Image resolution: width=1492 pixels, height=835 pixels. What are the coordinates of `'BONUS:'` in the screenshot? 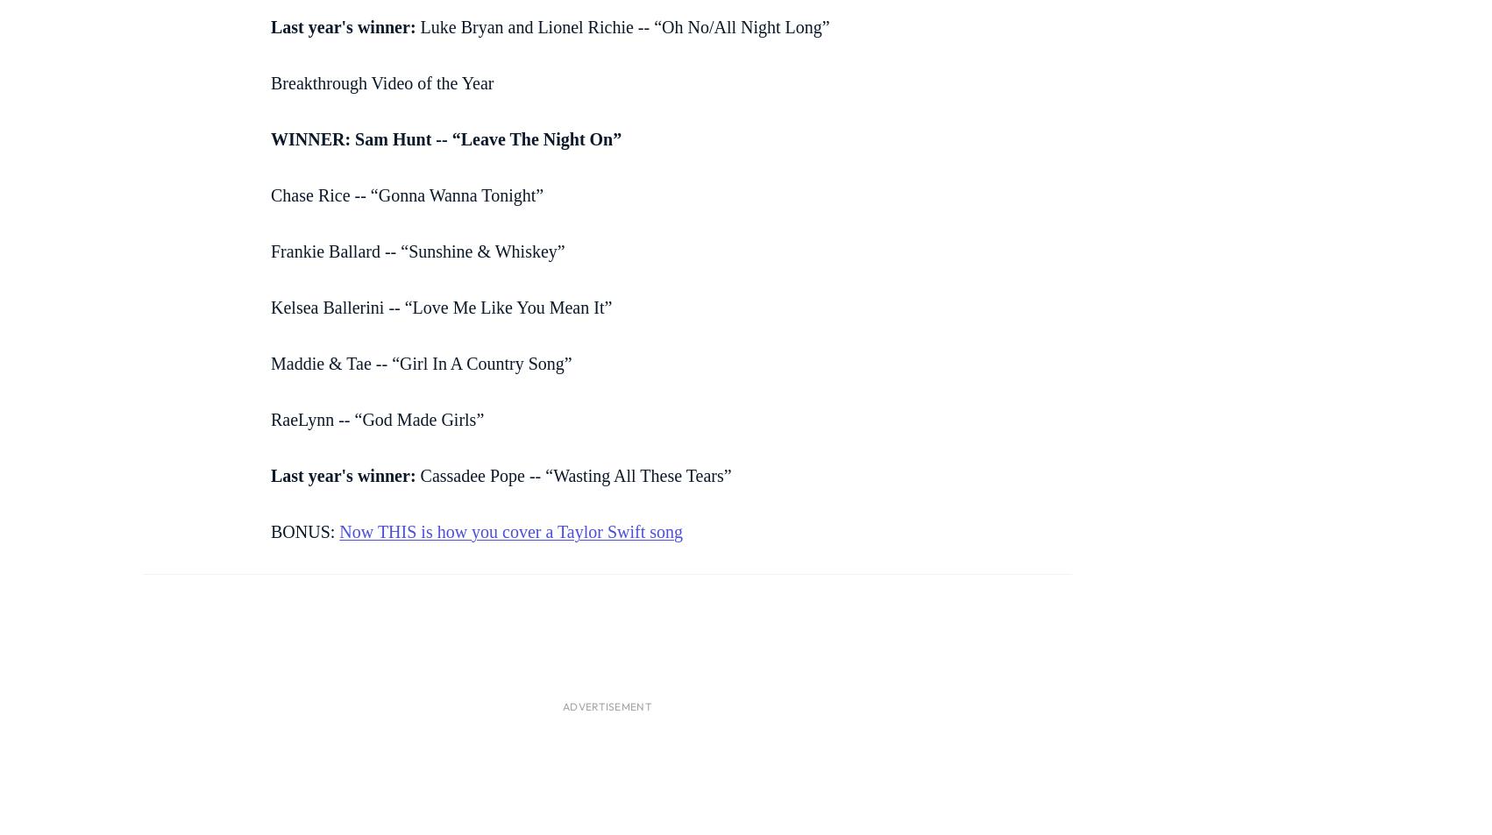 It's located at (305, 531).